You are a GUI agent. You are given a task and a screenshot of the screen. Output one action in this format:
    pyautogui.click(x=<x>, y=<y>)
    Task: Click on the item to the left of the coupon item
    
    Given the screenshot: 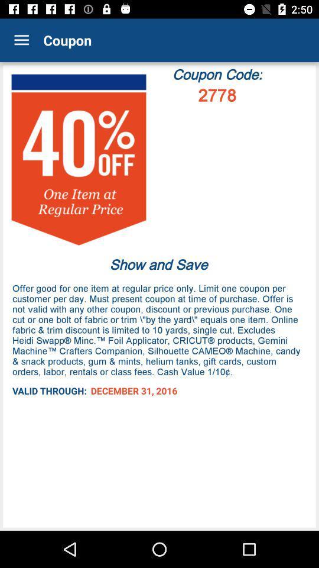 What is the action you would take?
    pyautogui.click(x=21, y=40)
    